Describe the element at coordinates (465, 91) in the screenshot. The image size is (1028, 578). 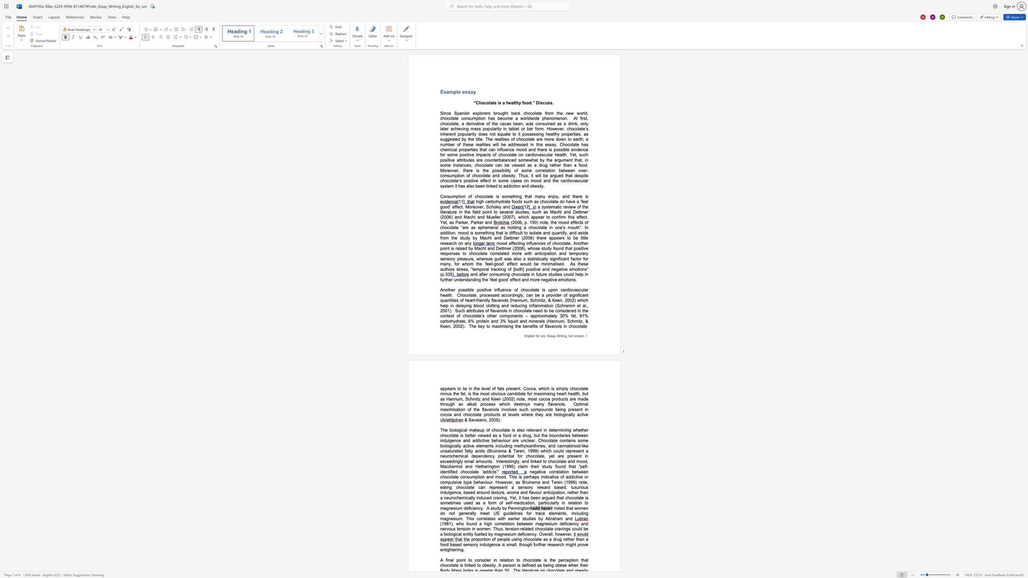
I see `the subset text "ss" within the text "Example essay"` at that location.